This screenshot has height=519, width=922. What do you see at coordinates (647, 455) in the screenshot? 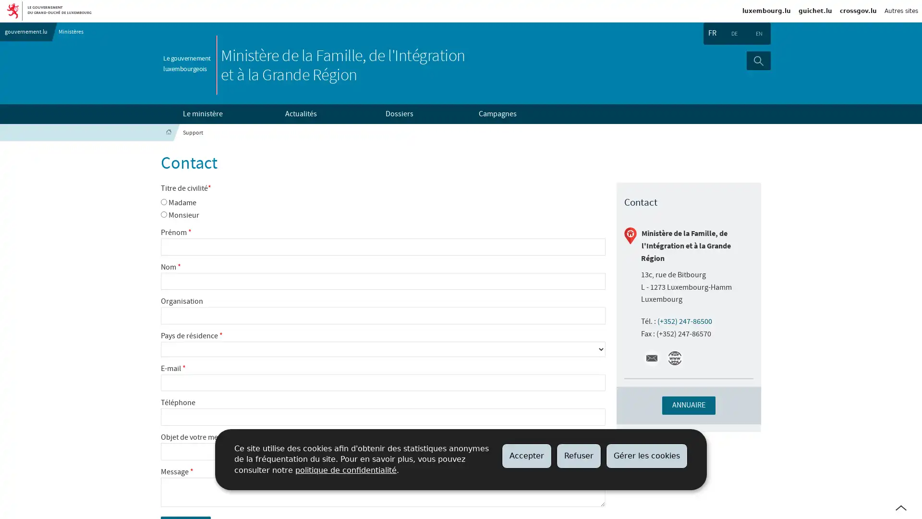
I see `Gerer les cookies` at bounding box center [647, 455].